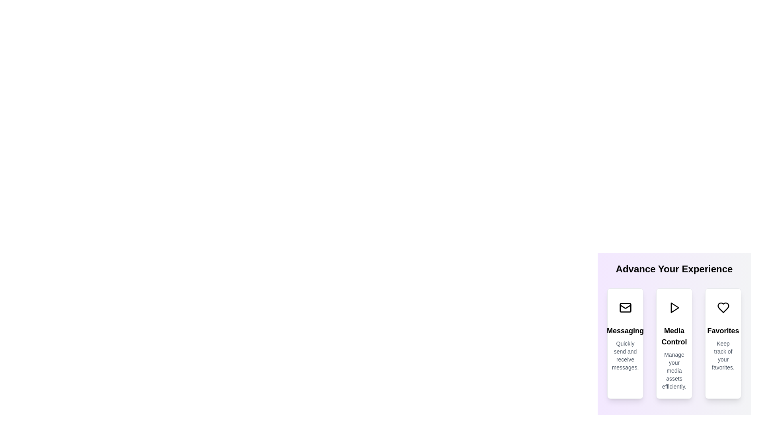 Image resolution: width=764 pixels, height=430 pixels. What do you see at coordinates (674, 370) in the screenshot?
I see `descriptive text label located below the 'Media Control' title in the middle card of three cards` at bounding box center [674, 370].